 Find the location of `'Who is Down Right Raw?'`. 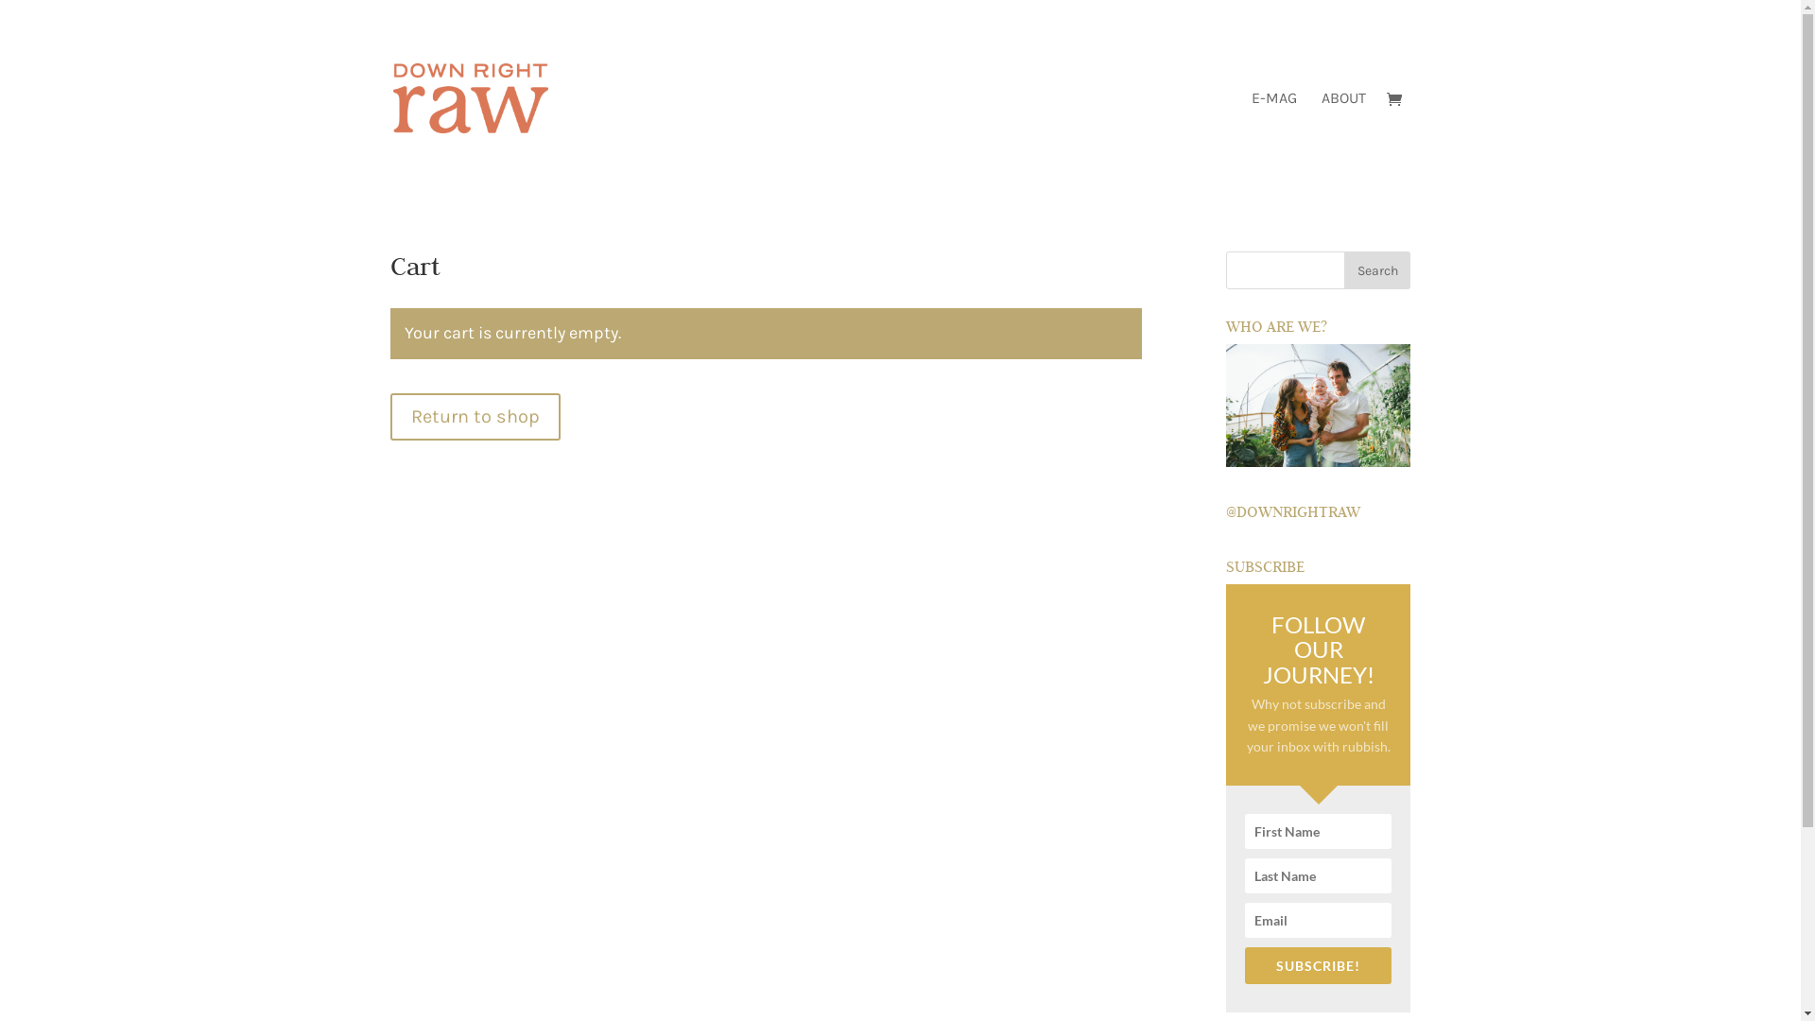

'Who is Down Right Raw?' is located at coordinates (1317, 404).